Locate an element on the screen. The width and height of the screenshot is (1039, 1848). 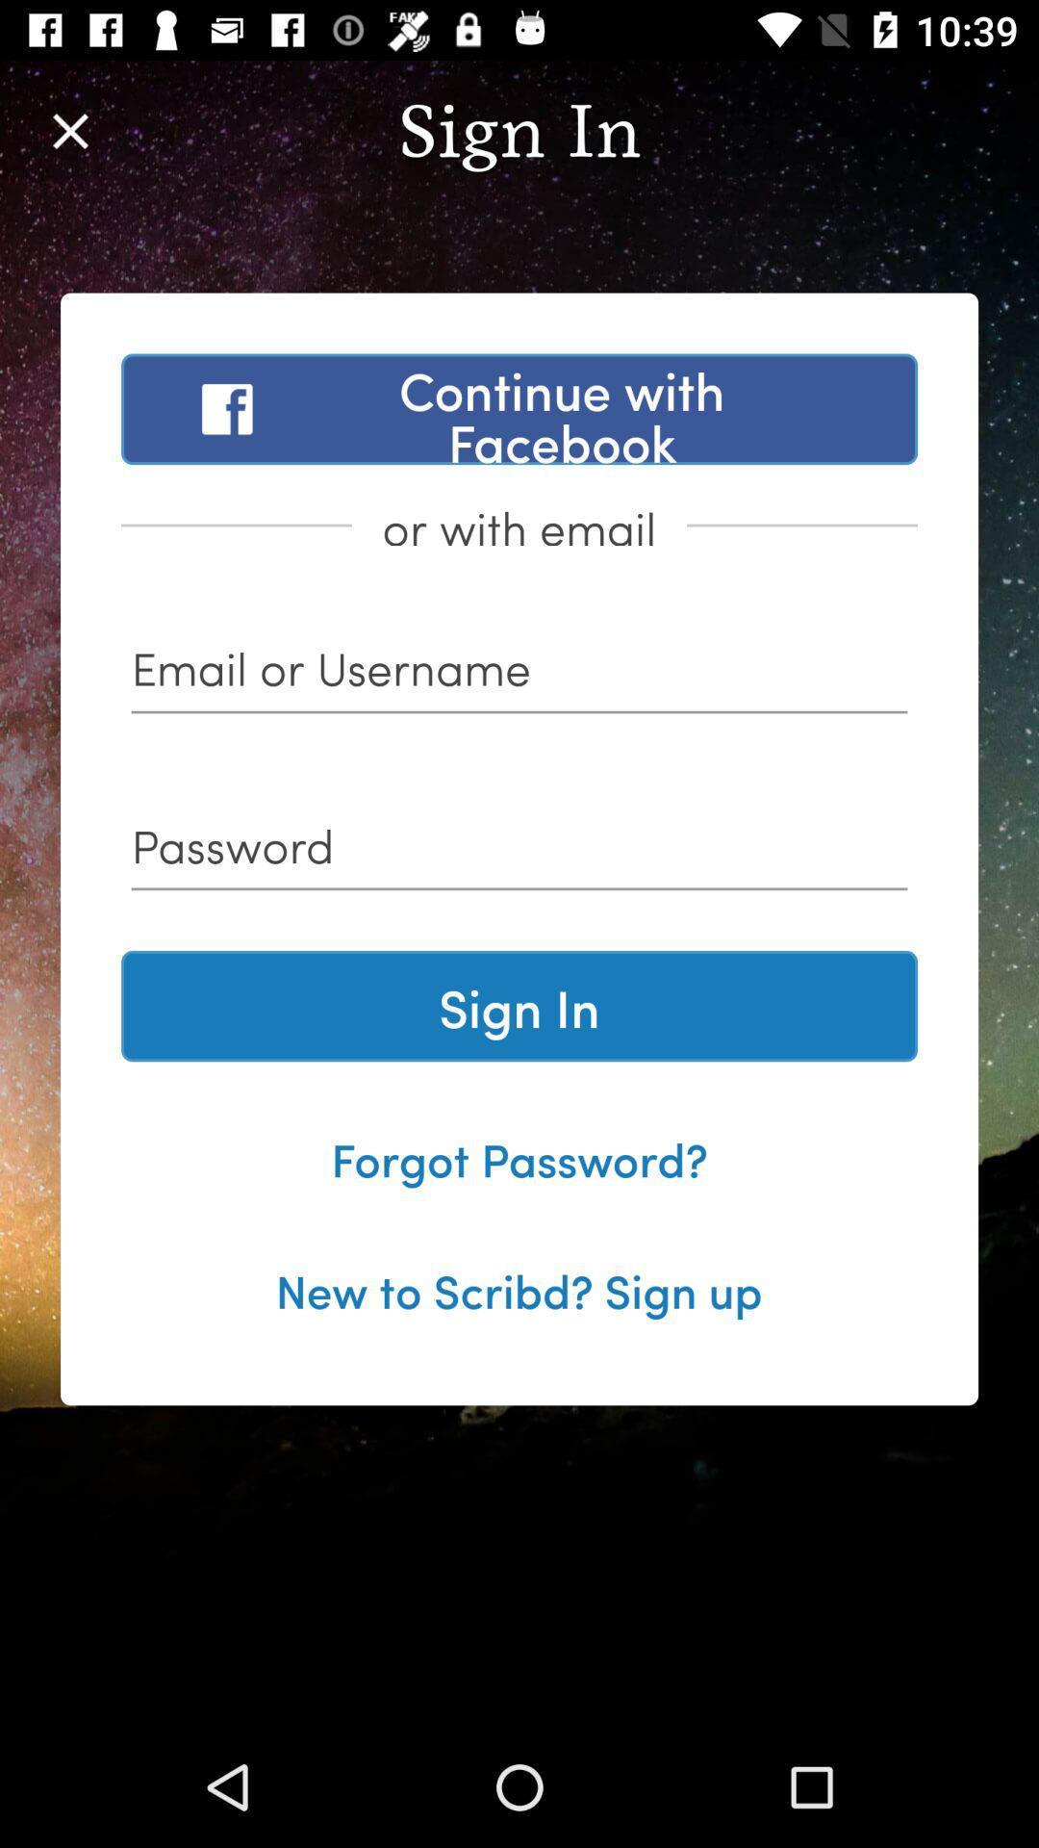
the icon at the top left corner is located at coordinates (69, 130).